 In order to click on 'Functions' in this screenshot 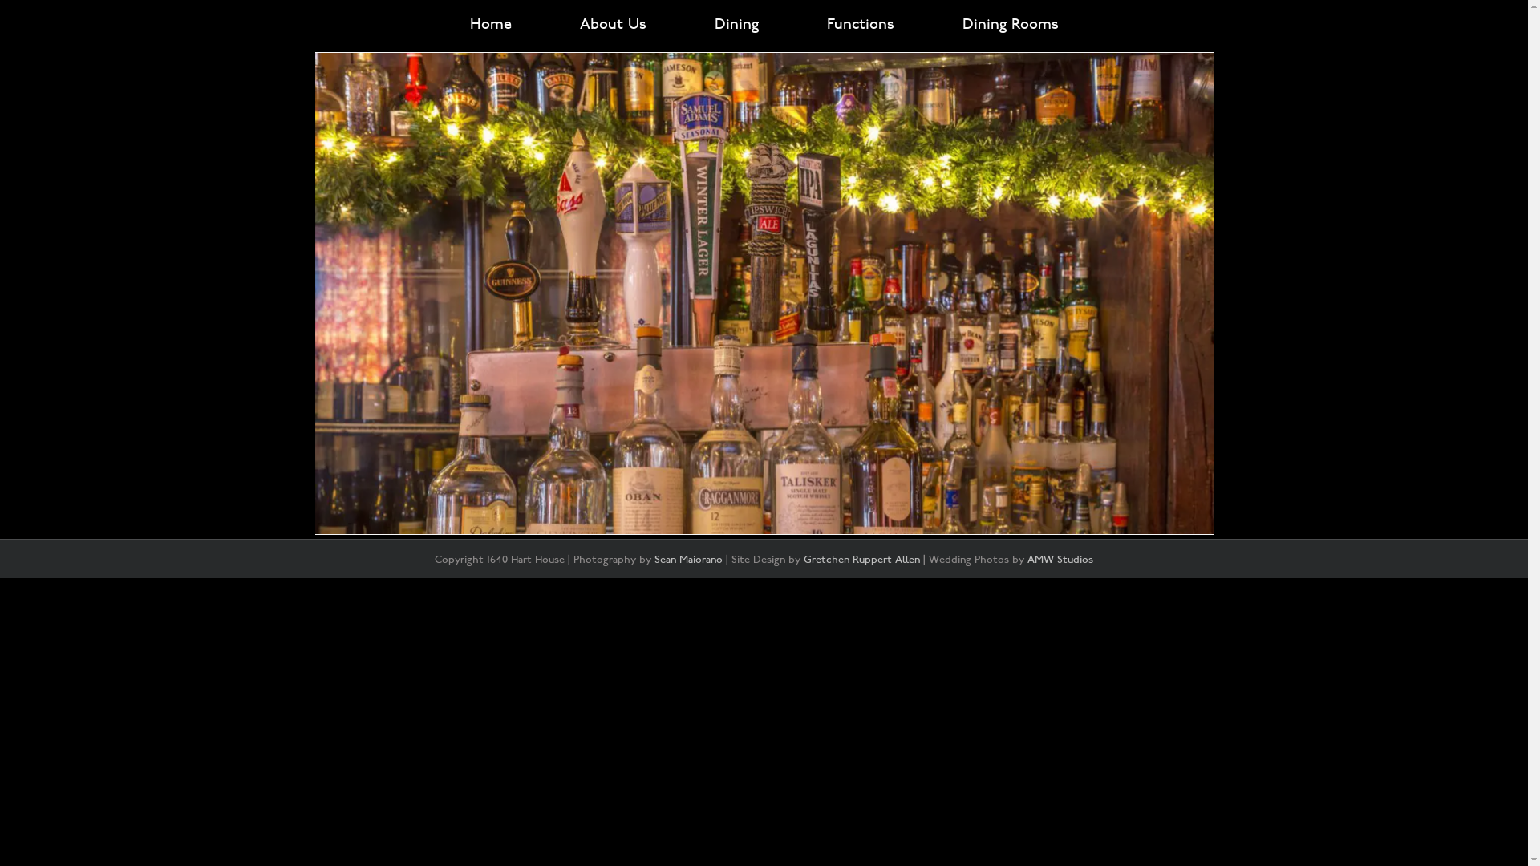, I will do `click(858, 24)`.